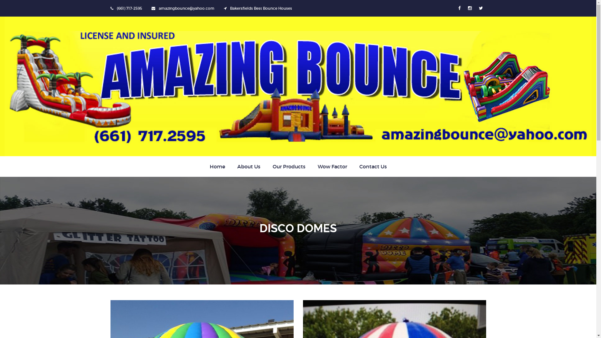  Describe the element at coordinates (249, 166) in the screenshot. I see `'About Us'` at that location.